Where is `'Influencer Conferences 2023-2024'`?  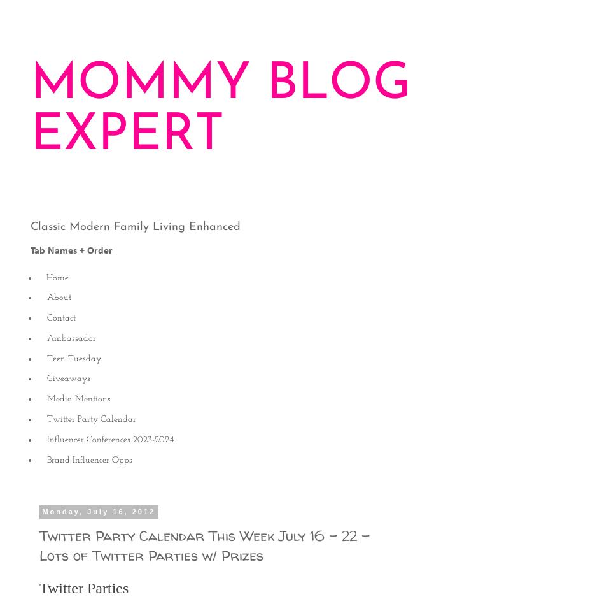 'Influencer Conferences 2023-2024' is located at coordinates (110, 438).